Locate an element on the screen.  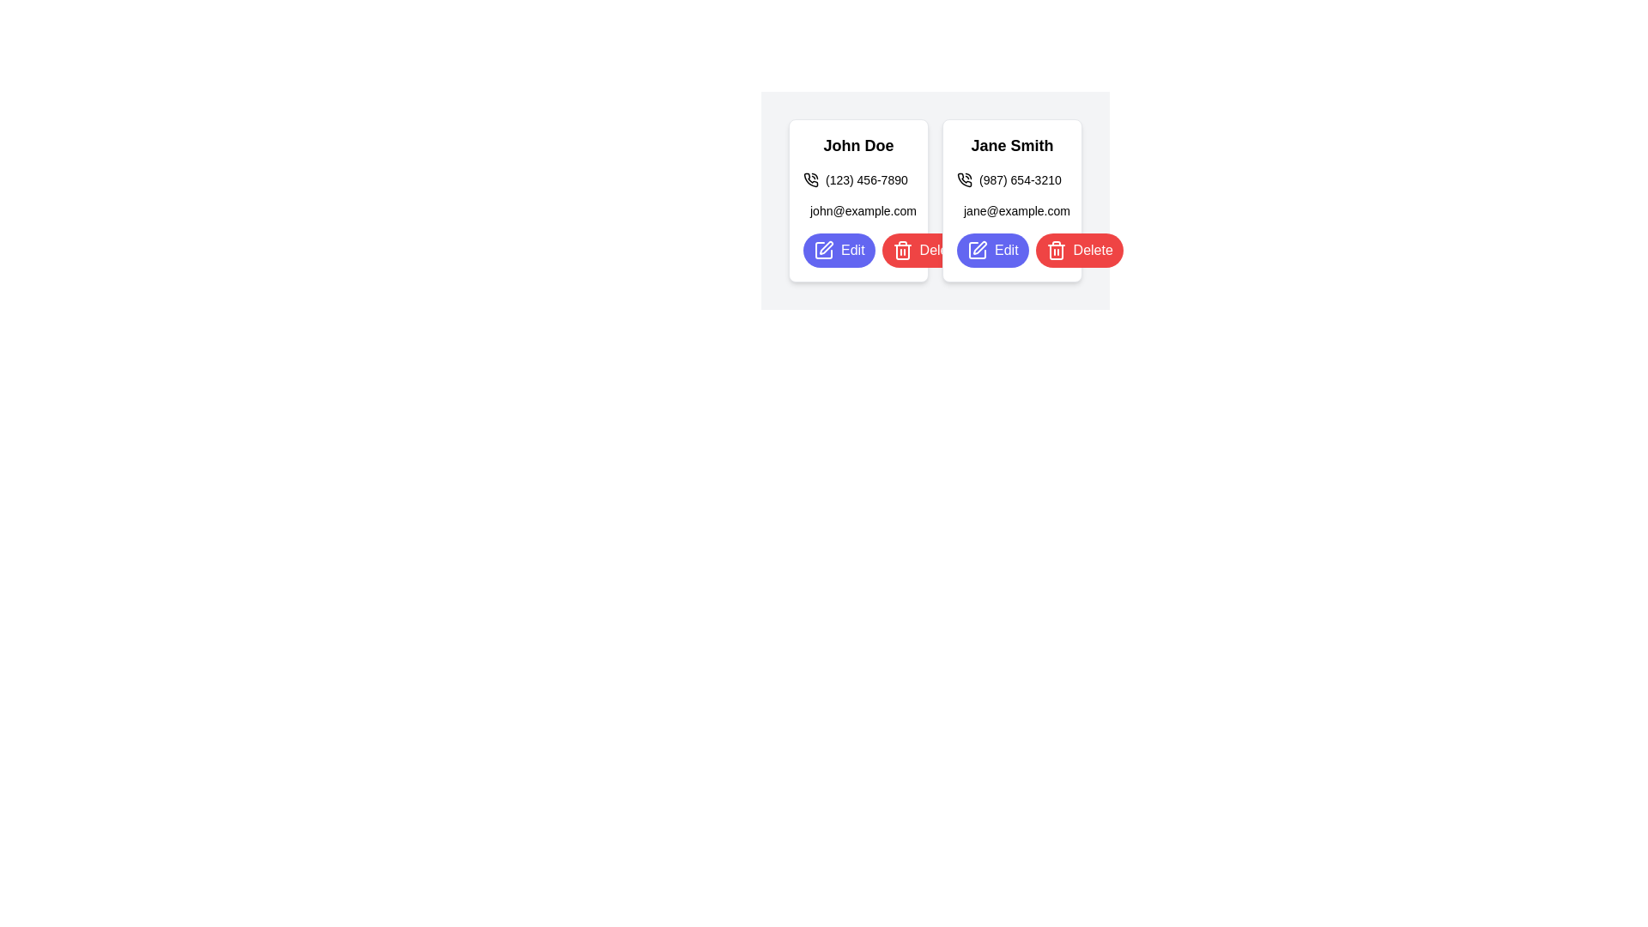
the 'Edit' button located in the bottom row of the contact card for 'Jane Smith' to modify the contact information is located at coordinates (1012, 251).